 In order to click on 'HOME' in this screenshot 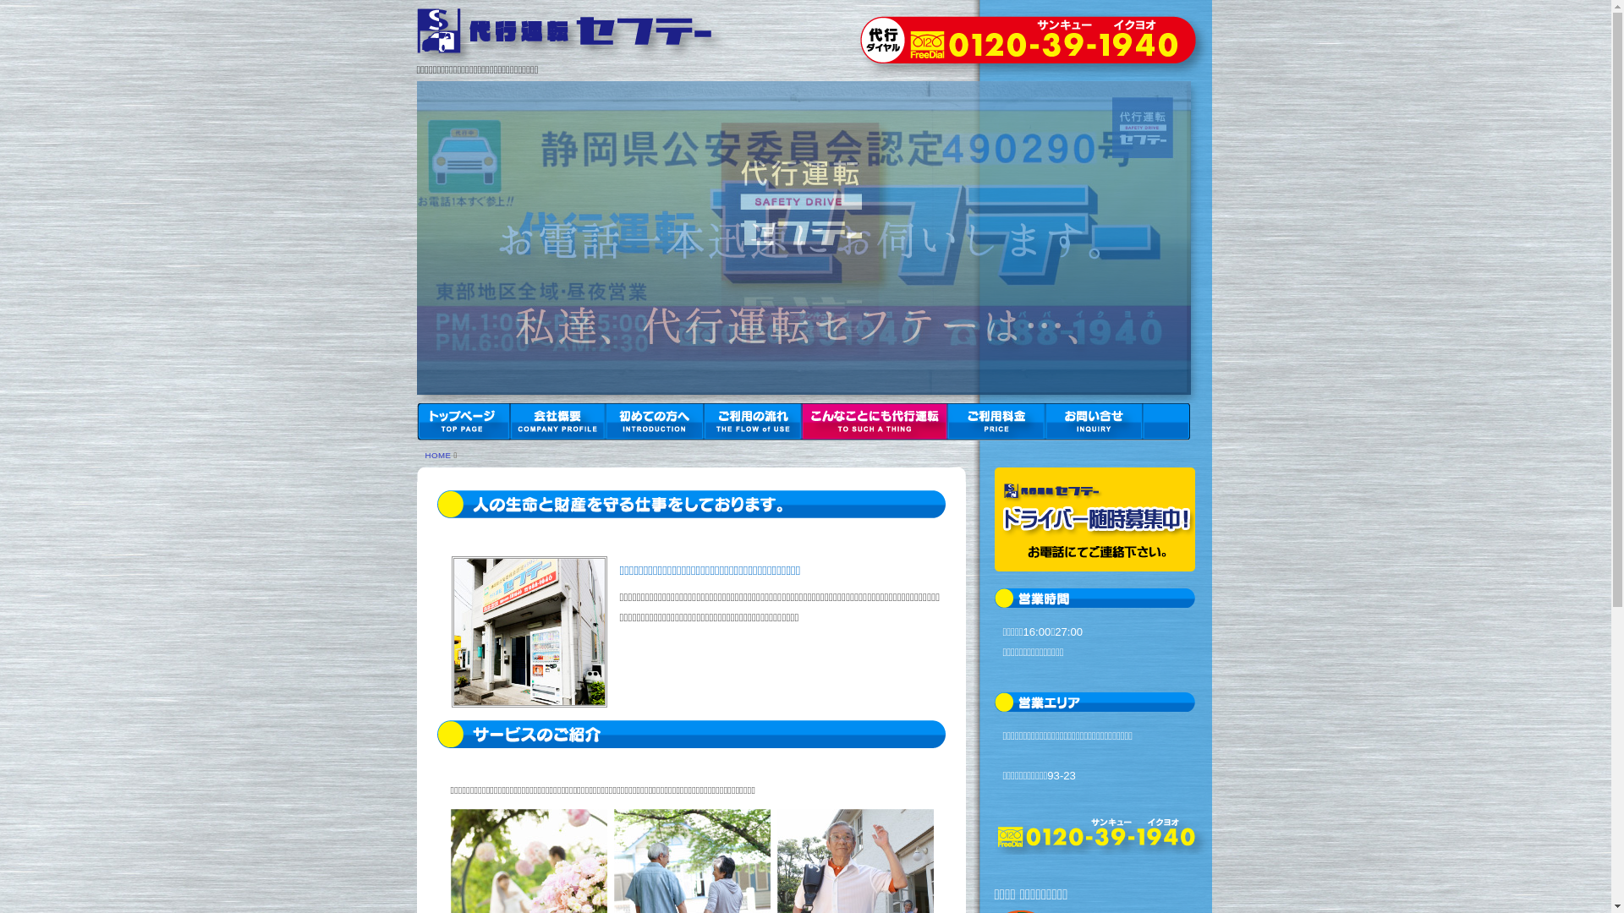, I will do `click(437, 454)`.